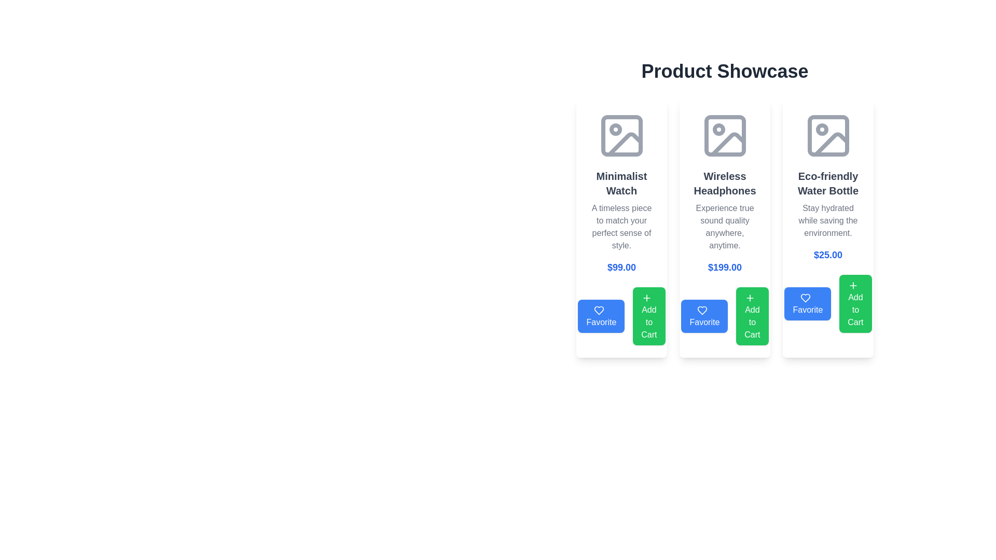 The image size is (996, 560). What do you see at coordinates (621, 267) in the screenshot?
I see `the price text displaying '$99.00' which is styled in blue, bold, and larger font located at the center-bottom of the first product card` at bounding box center [621, 267].